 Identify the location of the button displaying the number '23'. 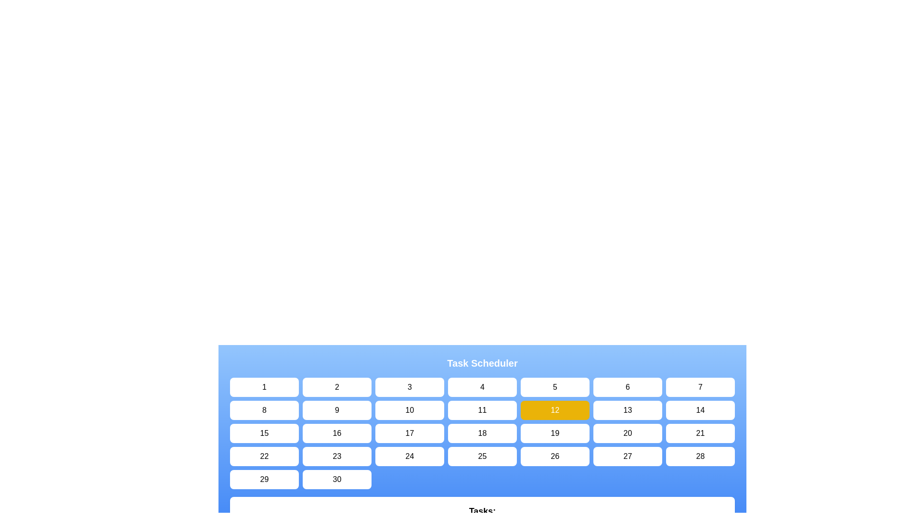
(337, 456).